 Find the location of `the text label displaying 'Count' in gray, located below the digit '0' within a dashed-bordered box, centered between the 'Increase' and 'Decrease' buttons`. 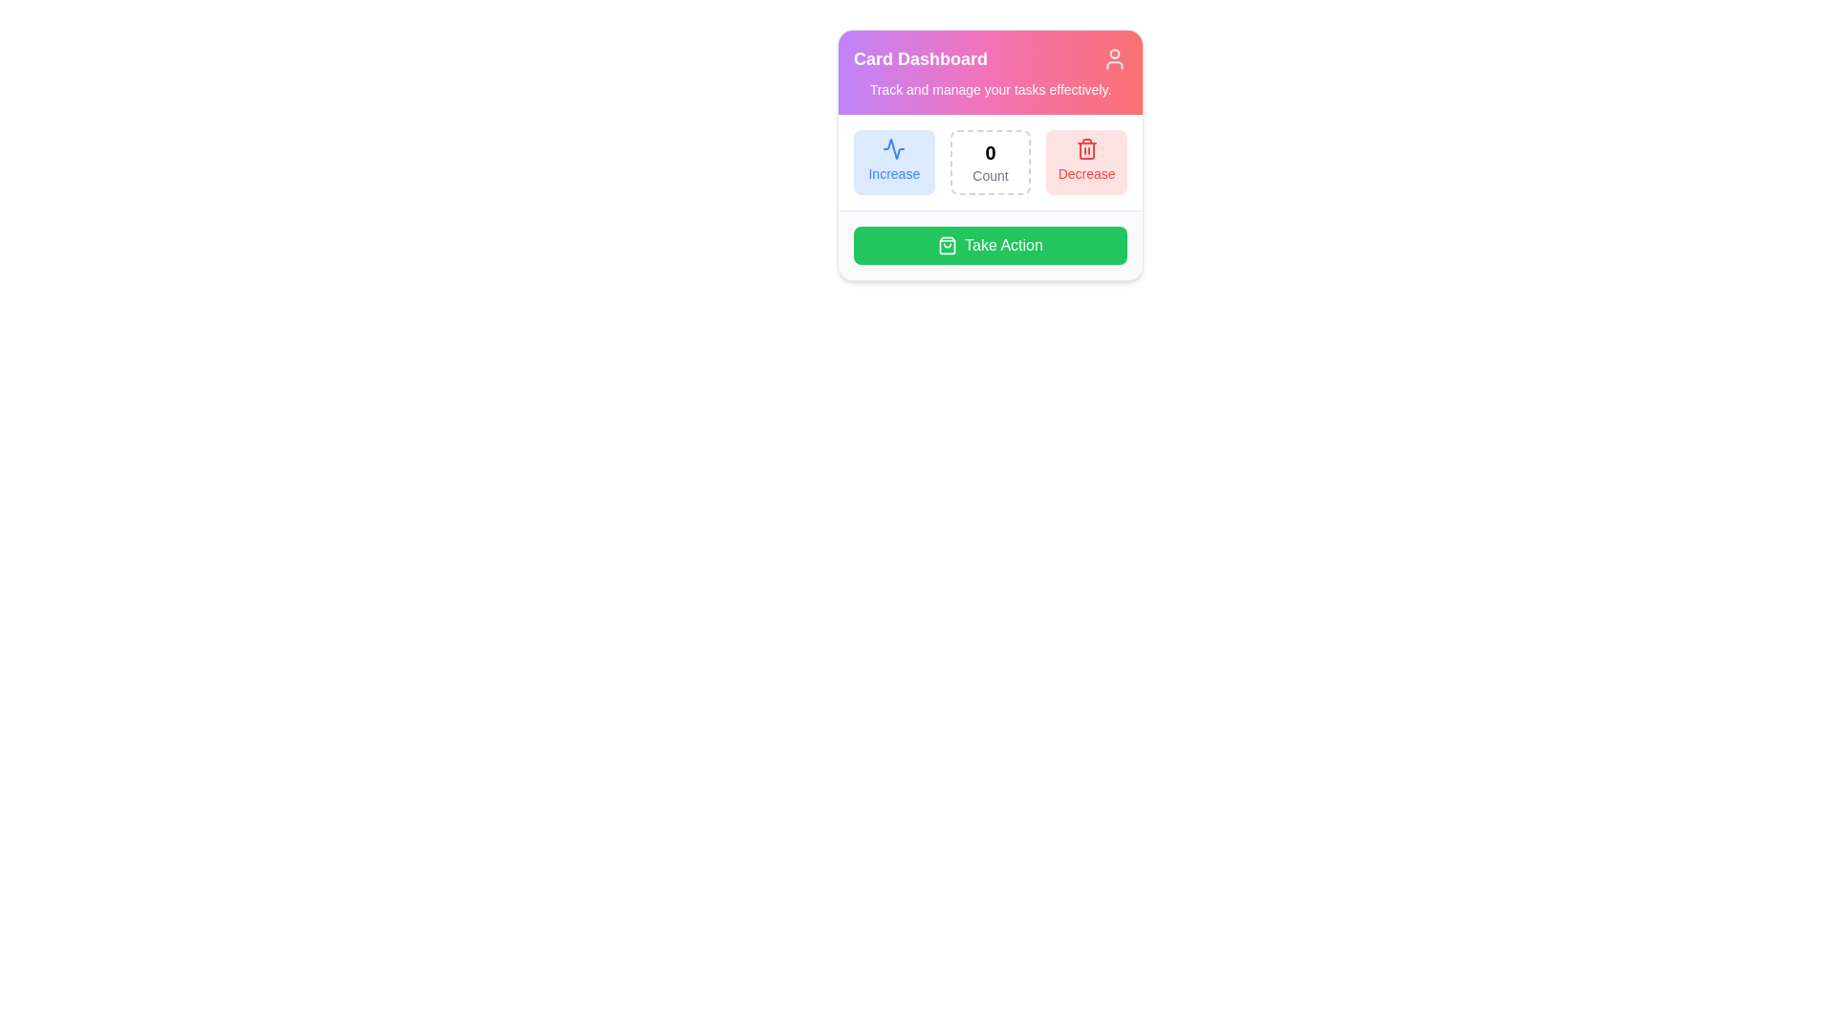

the text label displaying 'Count' in gray, located below the digit '0' within a dashed-bordered box, centered between the 'Increase' and 'Decrease' buttons is located at coordinates (991, 176).